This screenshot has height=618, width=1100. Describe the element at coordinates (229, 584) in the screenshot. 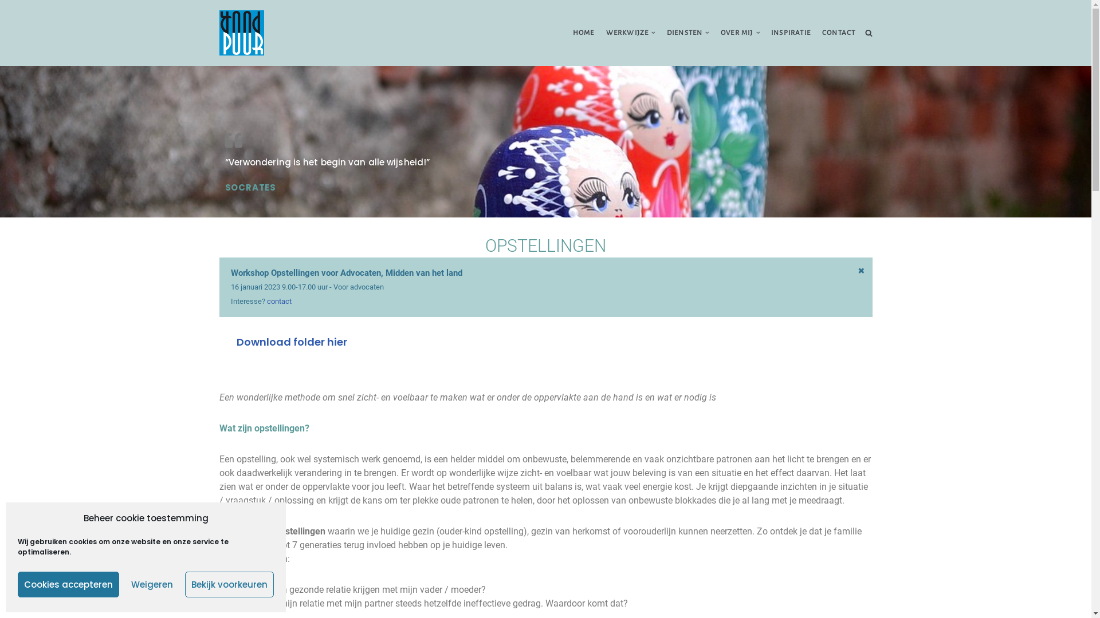

I see `'Bekijk voorkeuren'` at that location.